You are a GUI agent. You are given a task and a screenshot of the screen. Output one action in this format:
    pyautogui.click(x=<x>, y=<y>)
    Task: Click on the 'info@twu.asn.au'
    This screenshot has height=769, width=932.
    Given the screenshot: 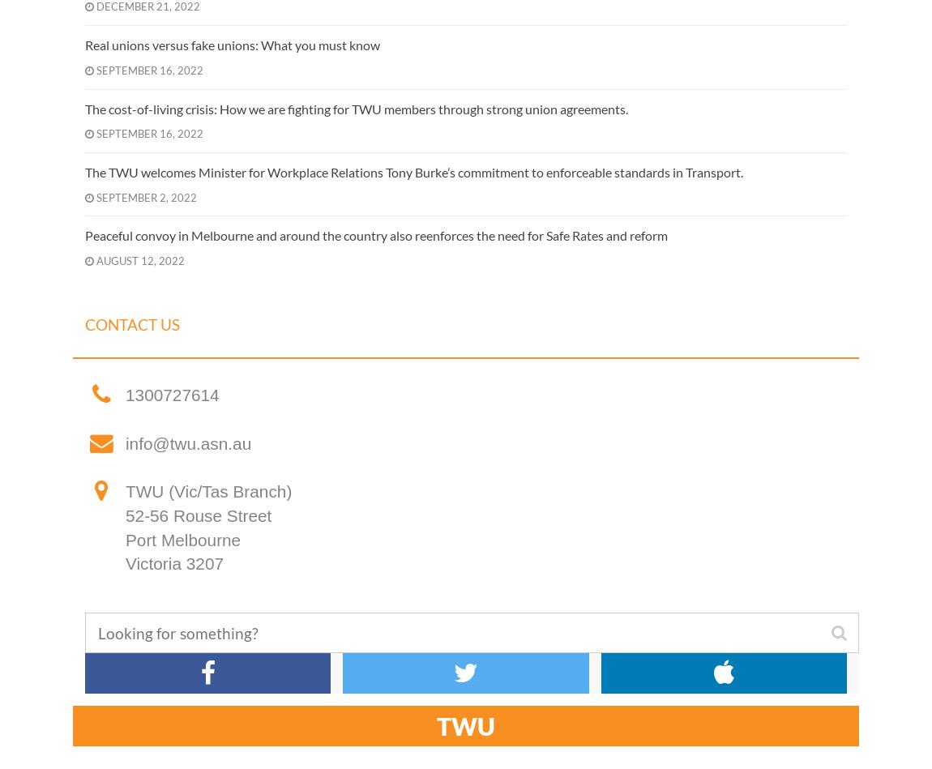 What is the action you would take?
    pyautogui.click(x=187, y=442)
    